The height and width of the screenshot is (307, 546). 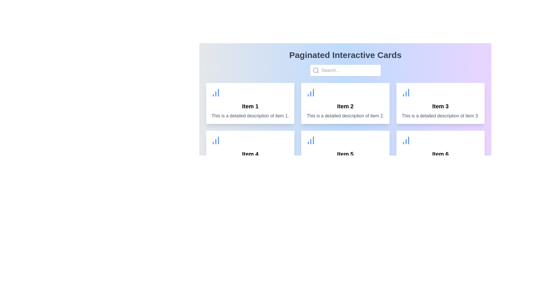 What do you see at coordinates (345, 151) in the screenshot?
I see `the Informational Card titled 'Item 5'` at bounding box center [345, 151].